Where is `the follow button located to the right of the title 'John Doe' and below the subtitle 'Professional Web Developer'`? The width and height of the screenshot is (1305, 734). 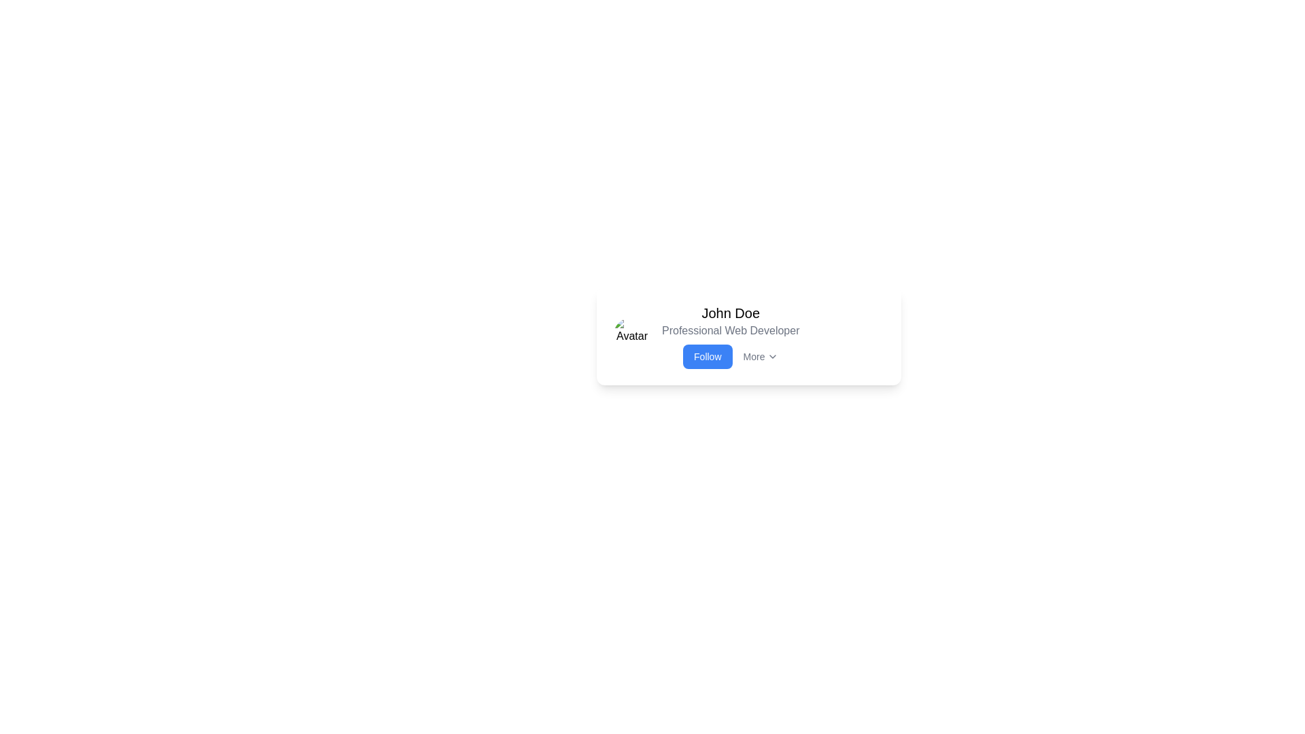
the follow button located to the right of the title 'John Doe' and below the subtitle 'Professional Web Developer' is located at coordinates (707, 355).